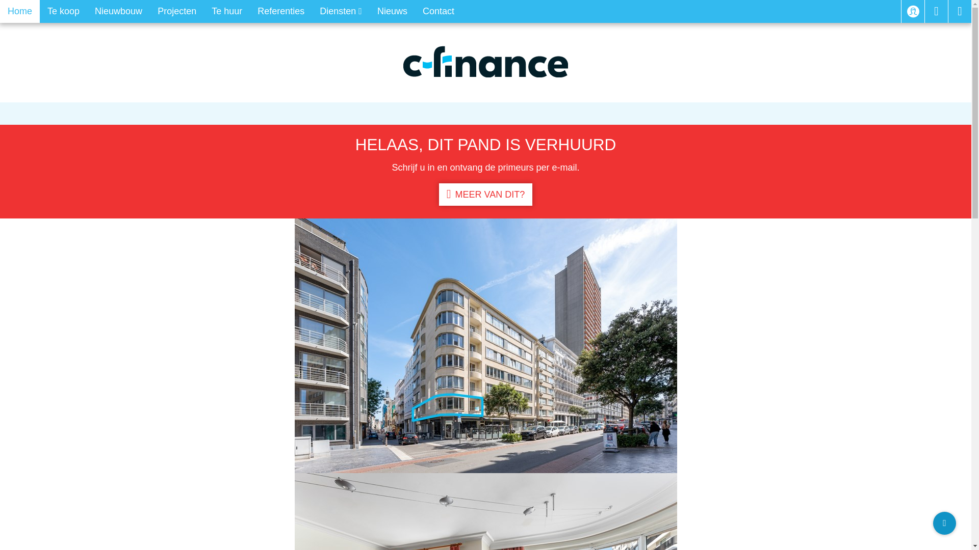 This screenshot has height=550, width=979. I want to click on 'Diensten', so click(341, 11).